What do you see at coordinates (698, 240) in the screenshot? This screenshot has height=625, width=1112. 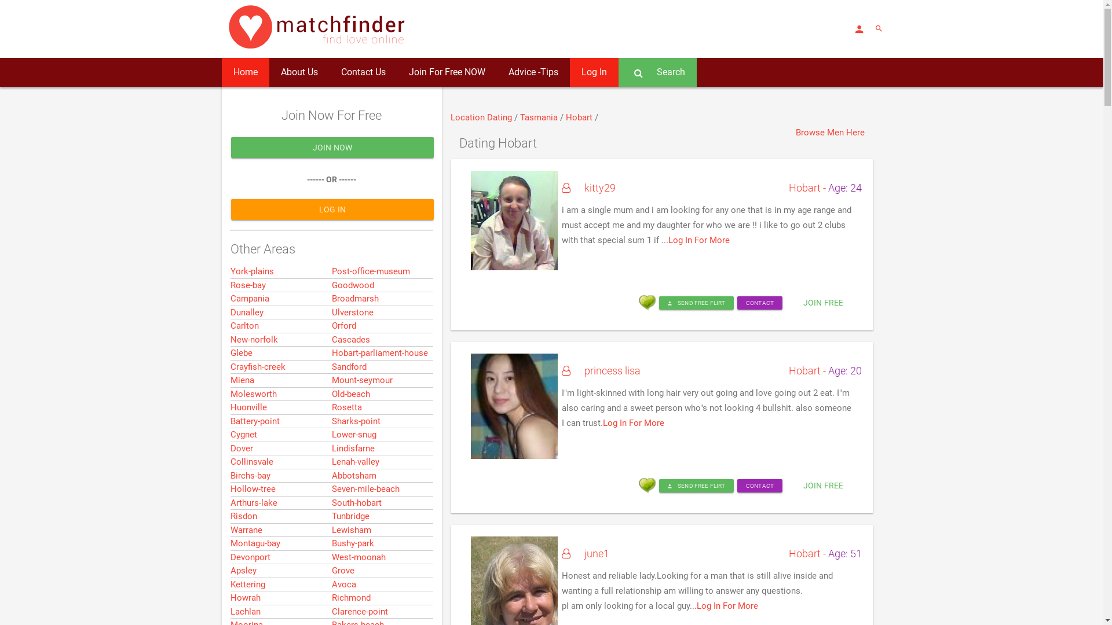 I see `'Log In For More'` at bounding box center [698, 240].